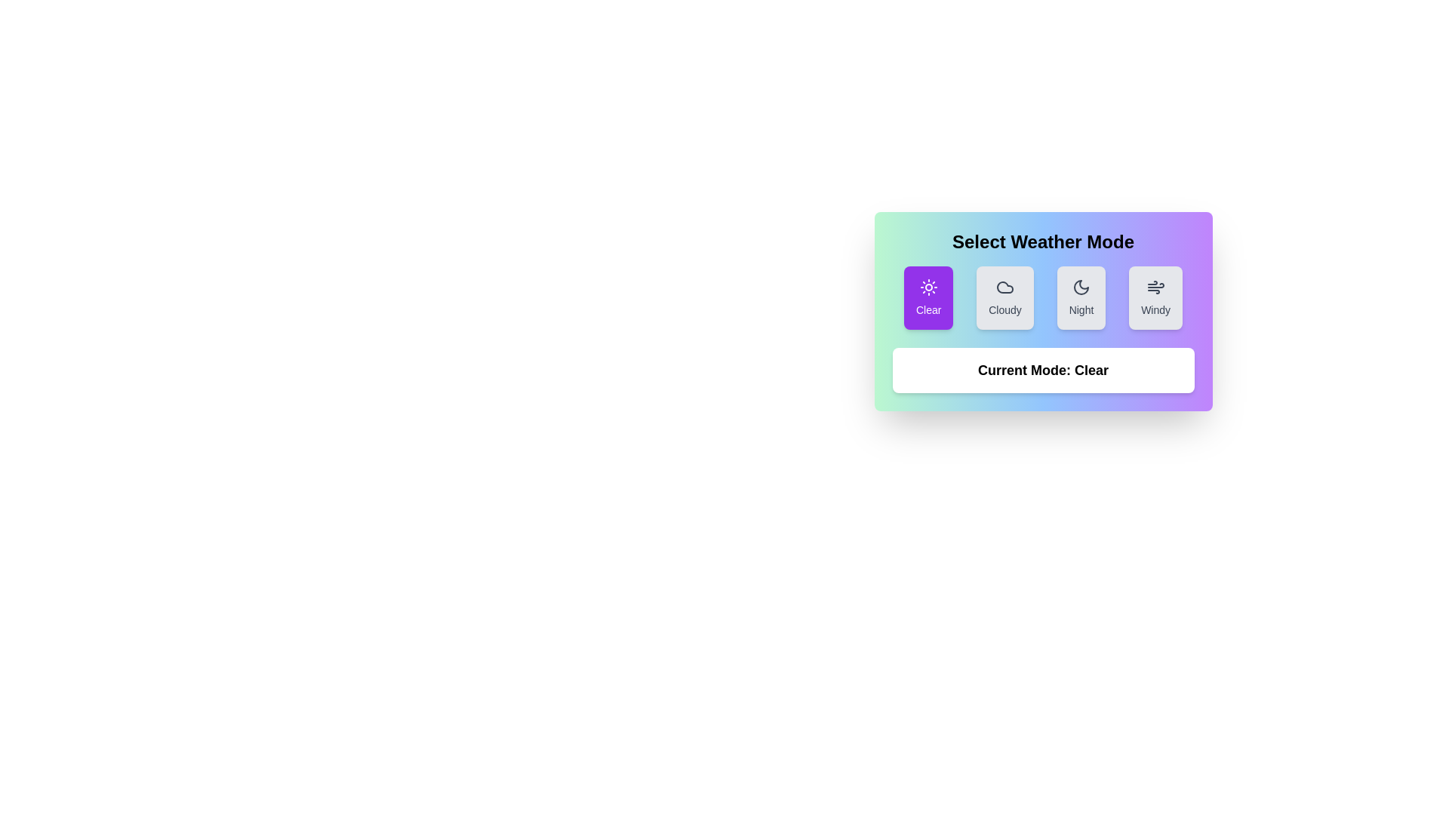  What do you see at coordinates (928, 297) in the screenshot?
I see `the bold purple 'Clear' button with a sun icon` at bounding box center [928, 297].